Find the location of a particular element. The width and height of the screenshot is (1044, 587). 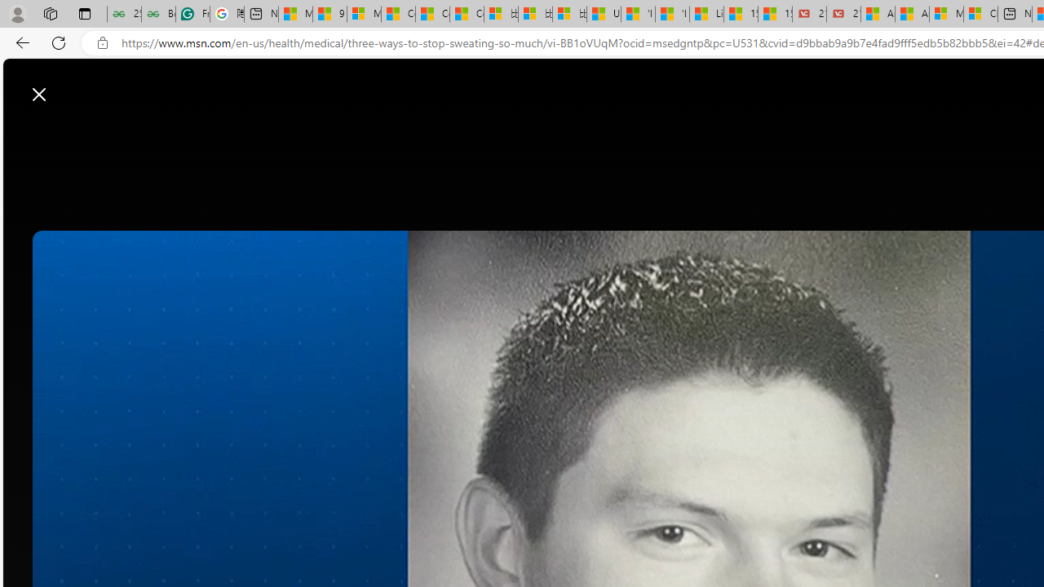

'15 Ways Modern Life Contradicts the Teachings of Jesus' is located at coordinates (775, 14).